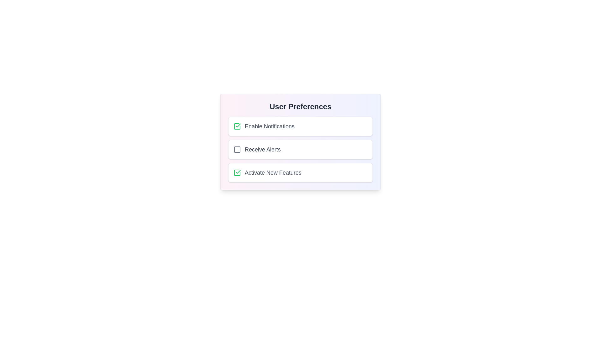 Image resolution: width=601 pixels, height=338 pixels. Describe the element at coordinates (273, 172) in the screenshot. I see `the text label reading 'Activate New Features', which is aligned to the right of the checkbox in the third row of the 'User Preferences' panel` at that location.